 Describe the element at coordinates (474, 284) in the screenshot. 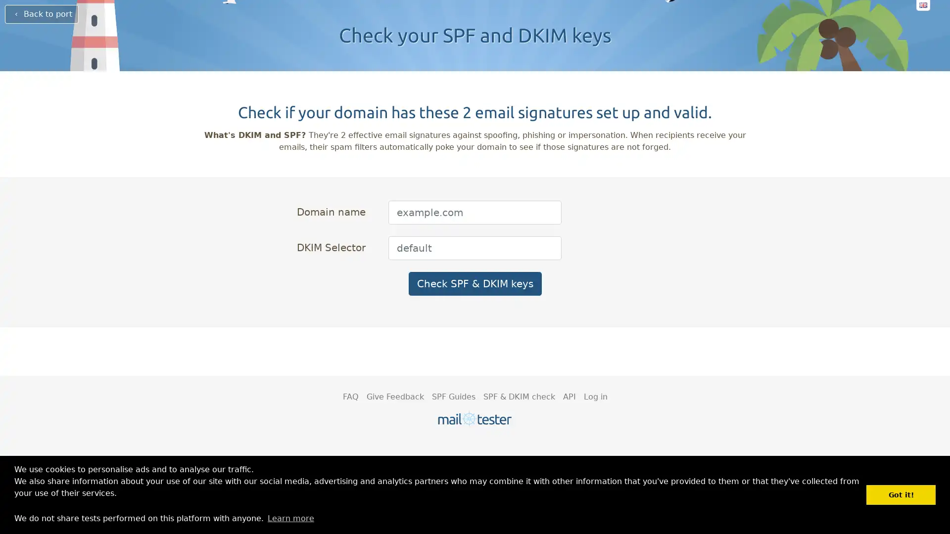

I see `Check SPF & DKIM keys` at that location.